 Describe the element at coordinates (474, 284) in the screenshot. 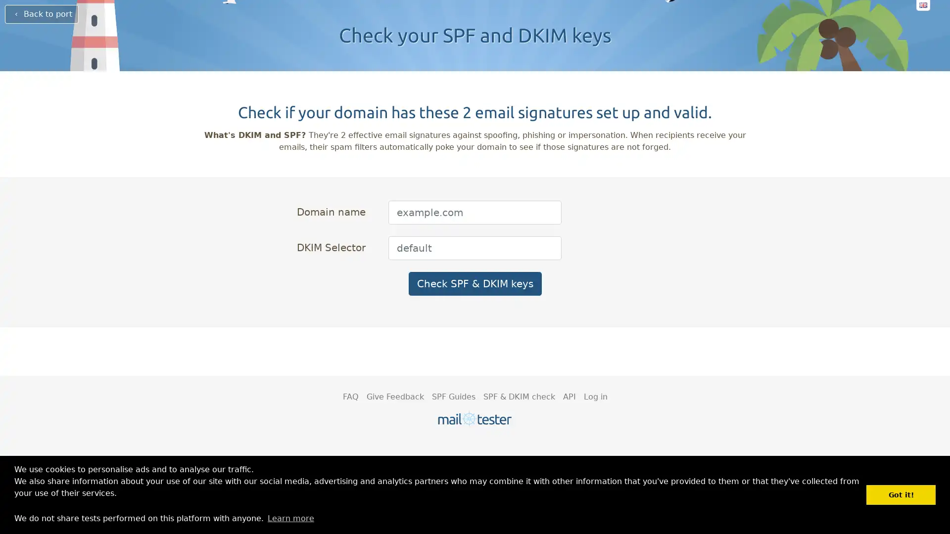

I see `Check SPF & DKIM keys` at that location.